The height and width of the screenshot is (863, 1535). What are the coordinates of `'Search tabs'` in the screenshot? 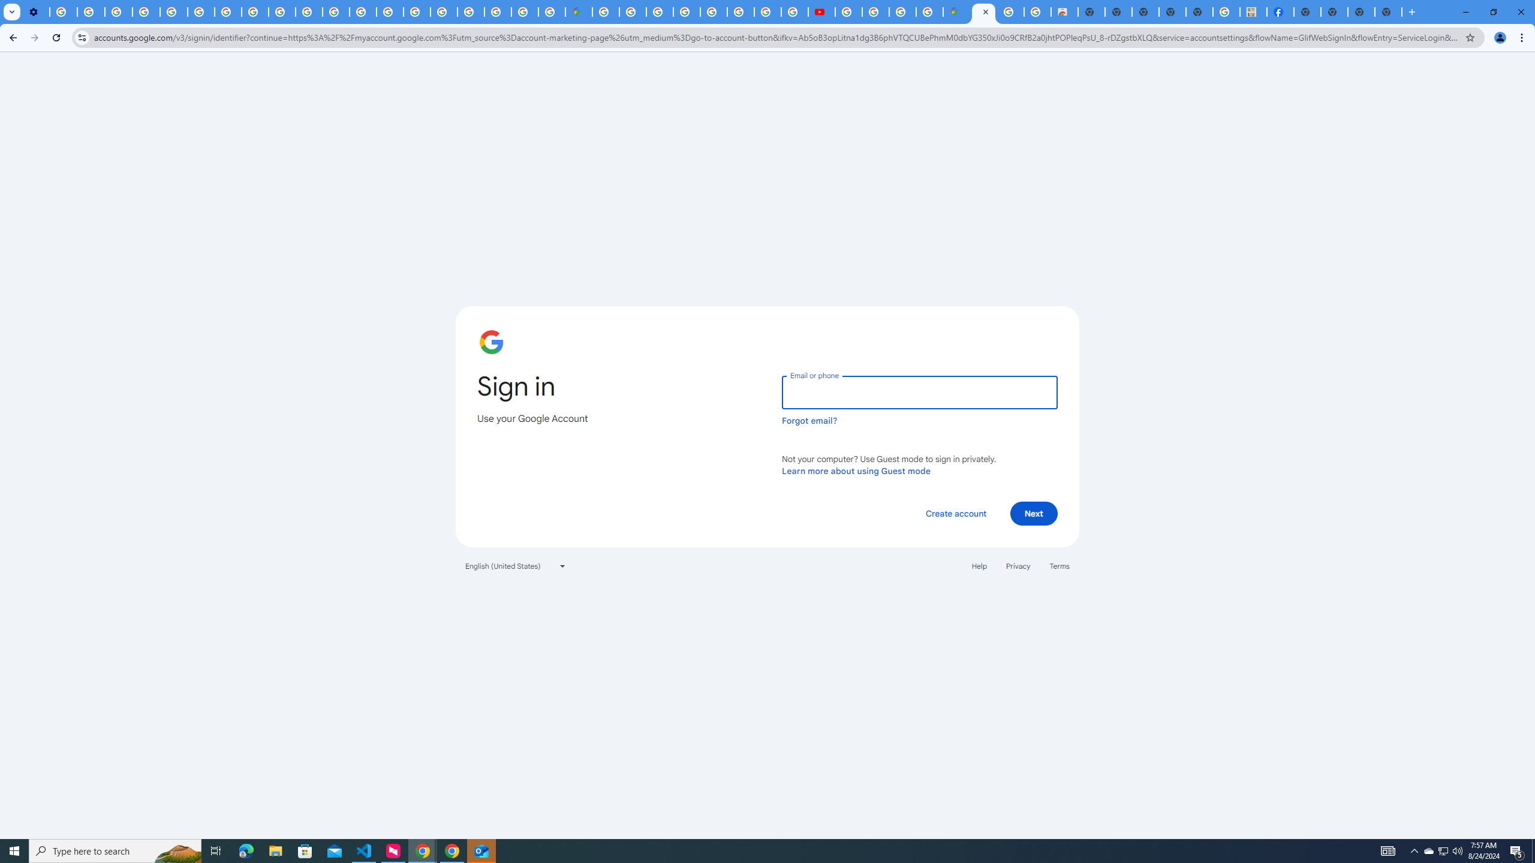 It's located at (11, 11).